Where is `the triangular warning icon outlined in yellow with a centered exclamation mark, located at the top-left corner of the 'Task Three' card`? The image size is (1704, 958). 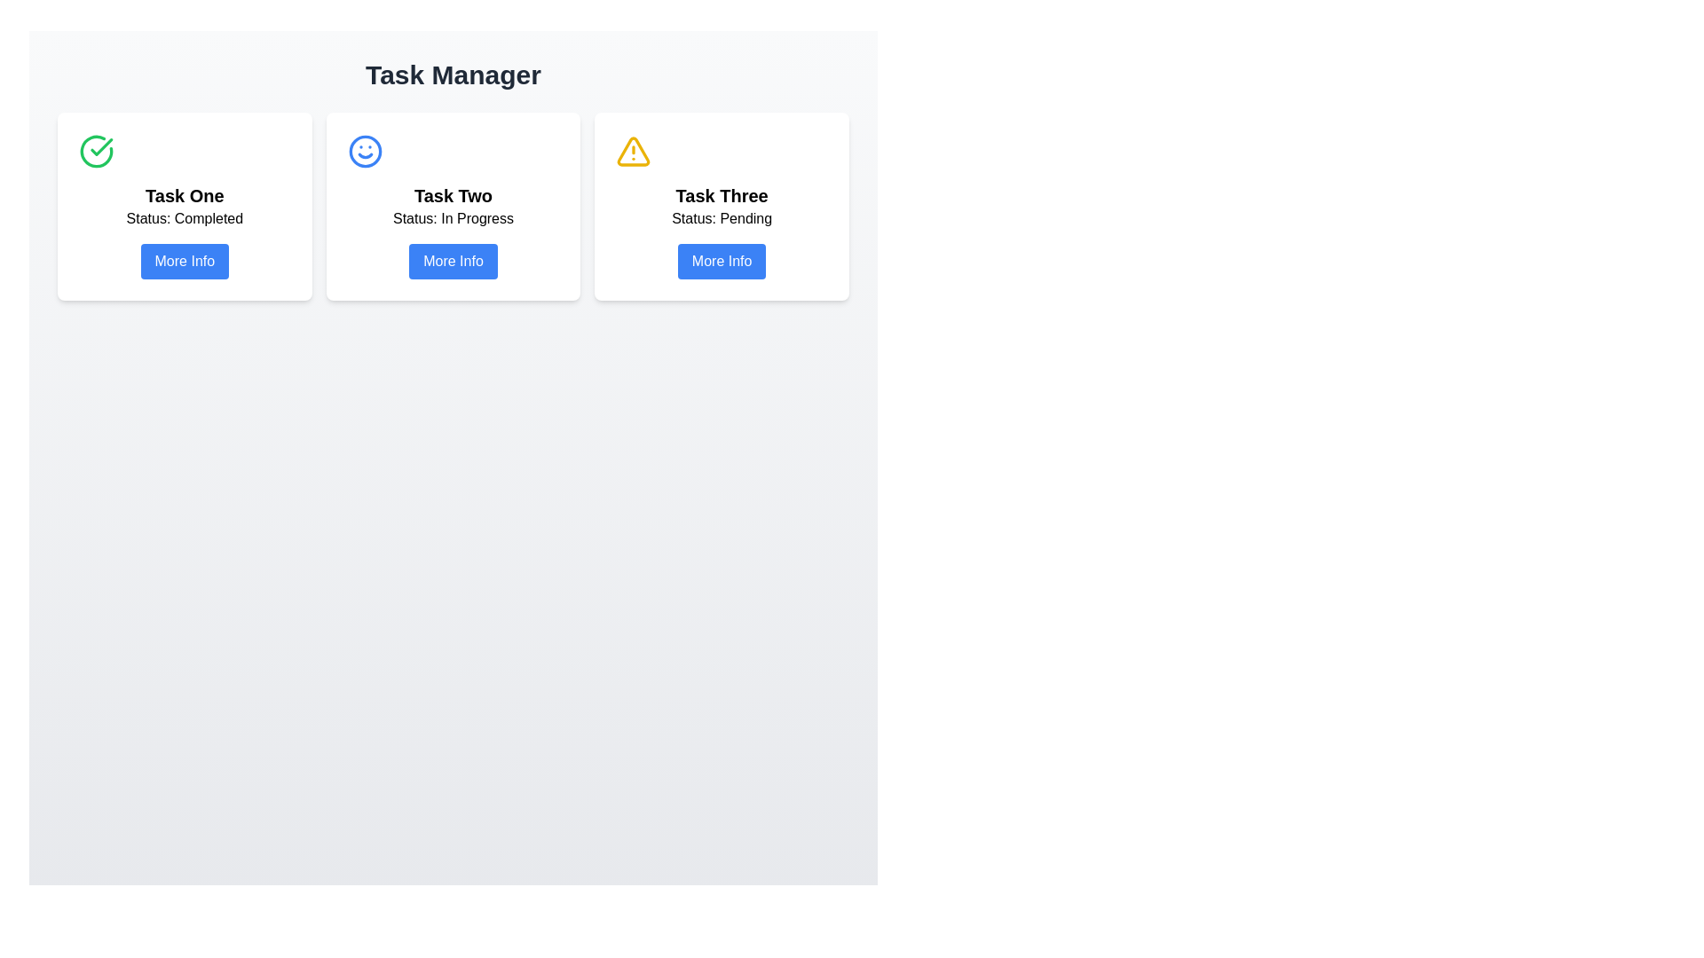 the triangular warning icon outlined in yellow with a centered exclamation mark, located at the top-left corner of the 'Task Three' card is located at coordinates (634, 150).